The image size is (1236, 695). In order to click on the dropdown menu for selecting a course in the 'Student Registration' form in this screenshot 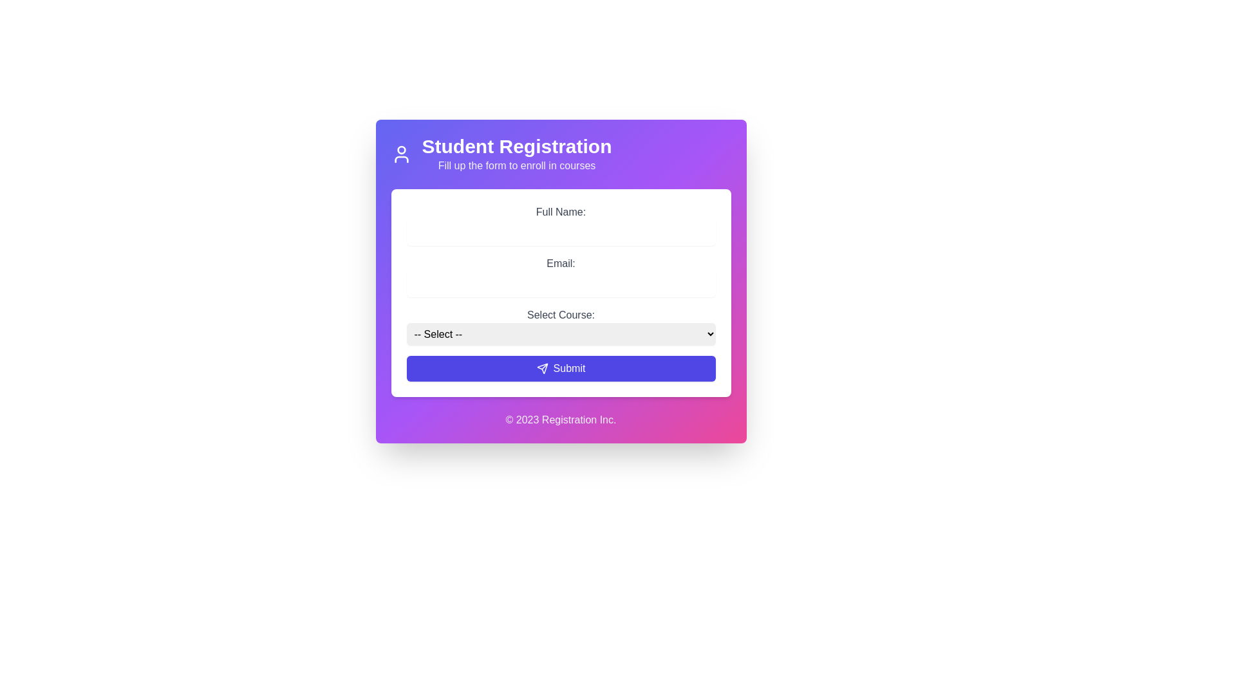, I will do `click(561, 326)`.